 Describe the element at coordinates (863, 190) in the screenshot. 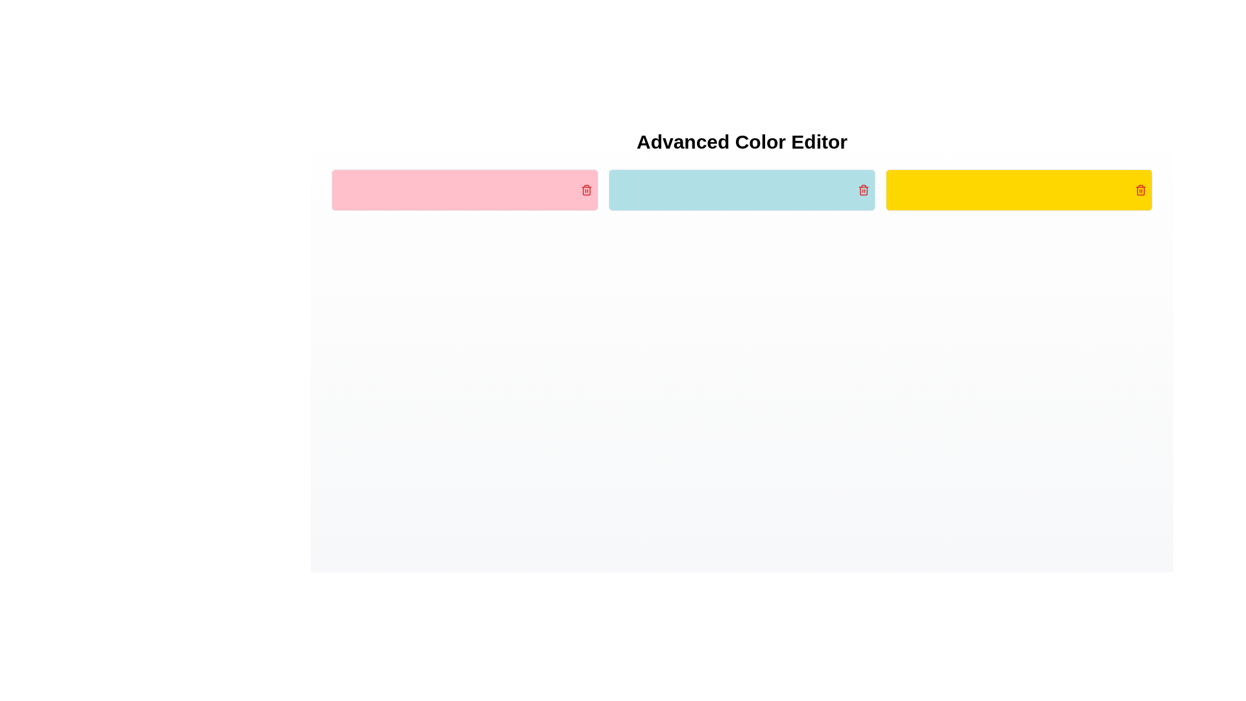

I see `the red trash bin icon, which is the third interactive icon within a light blue section` at that location.